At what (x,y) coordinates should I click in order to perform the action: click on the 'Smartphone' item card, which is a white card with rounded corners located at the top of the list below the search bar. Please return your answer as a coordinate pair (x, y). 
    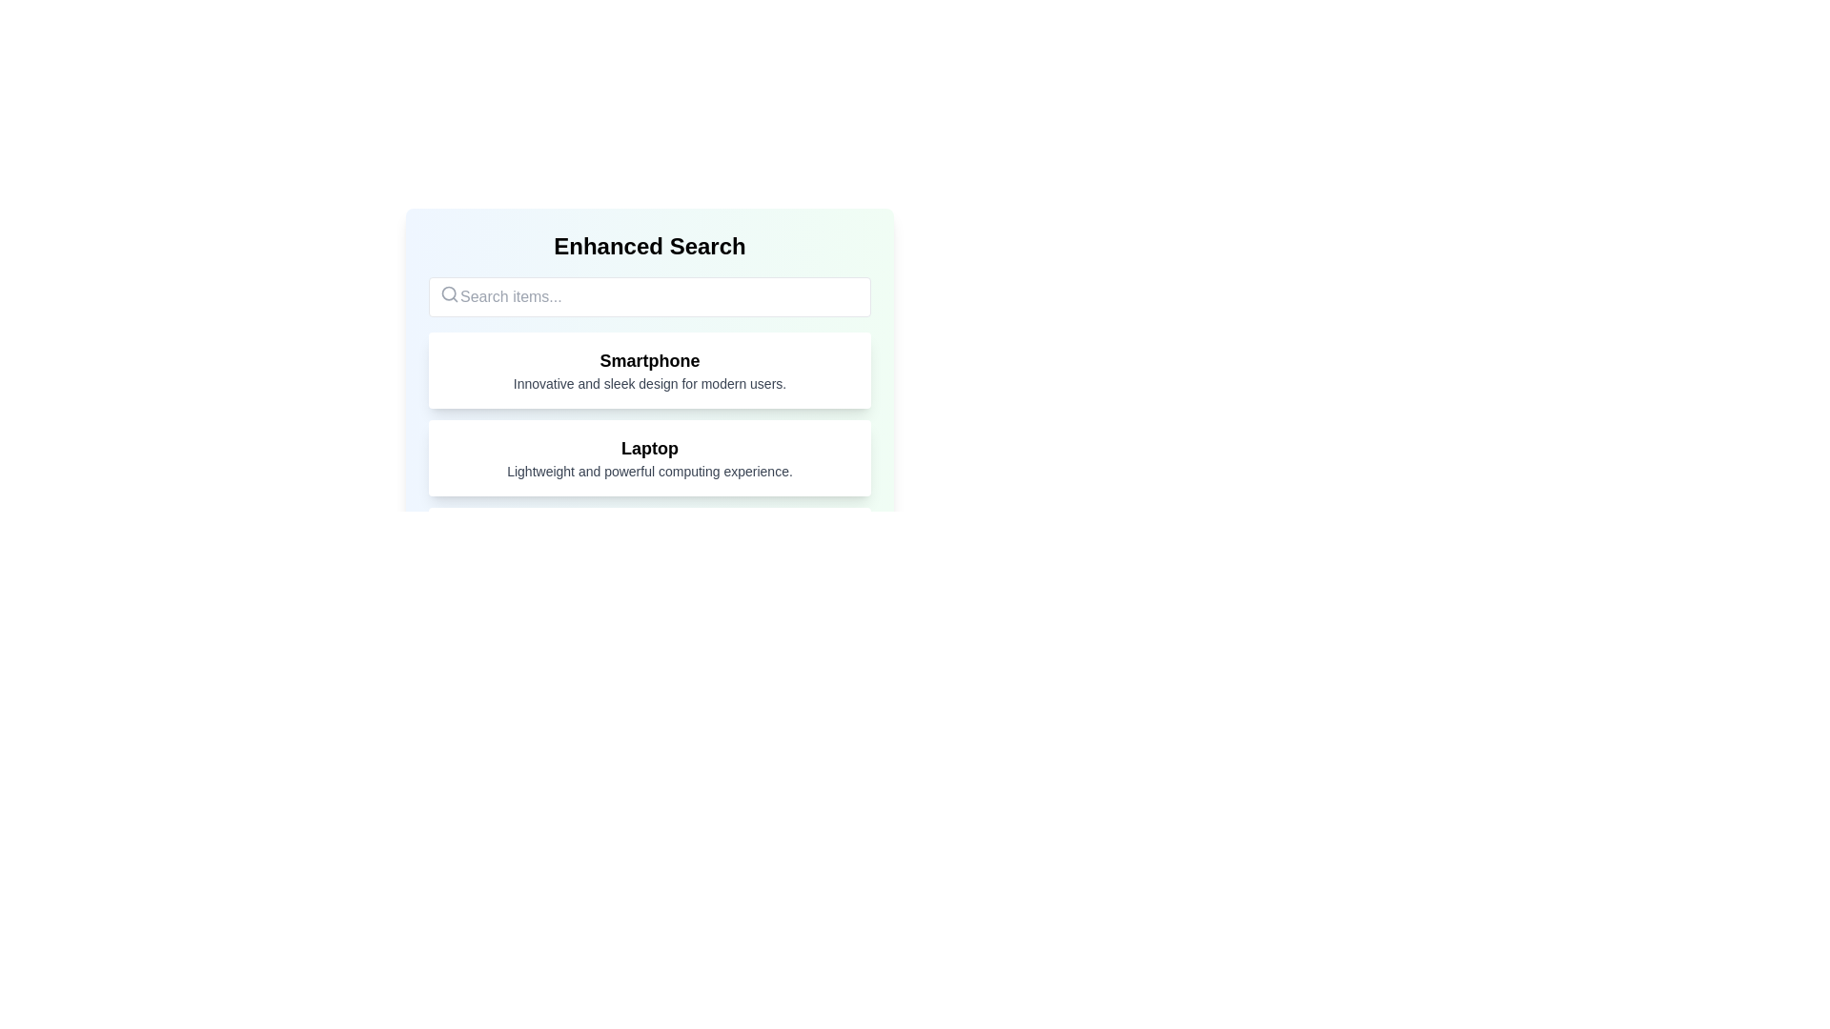
    Looking at the image, I should click on (649, 371).